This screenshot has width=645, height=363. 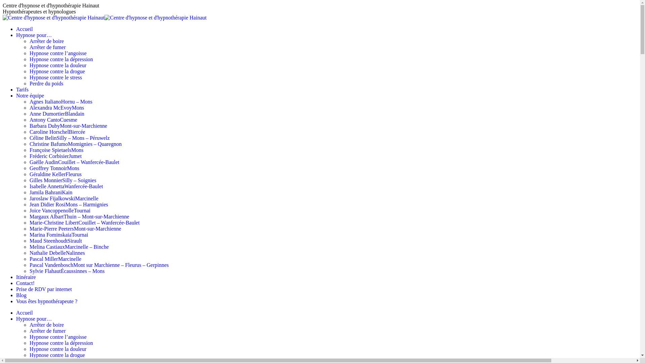 What do you see at coordinates (25, 283) in the screenshot?
I see `'Contact!'` at bounding box center [25, 283].